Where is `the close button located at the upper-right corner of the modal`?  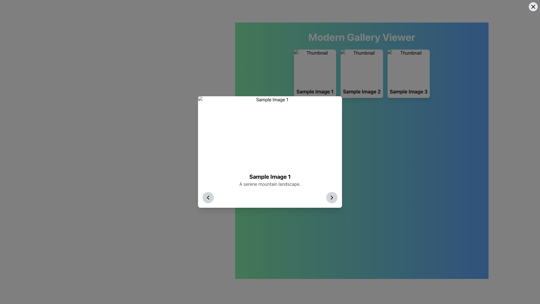
the close button located at the upper-right corner of the modal is located at coordinates (533, 6).